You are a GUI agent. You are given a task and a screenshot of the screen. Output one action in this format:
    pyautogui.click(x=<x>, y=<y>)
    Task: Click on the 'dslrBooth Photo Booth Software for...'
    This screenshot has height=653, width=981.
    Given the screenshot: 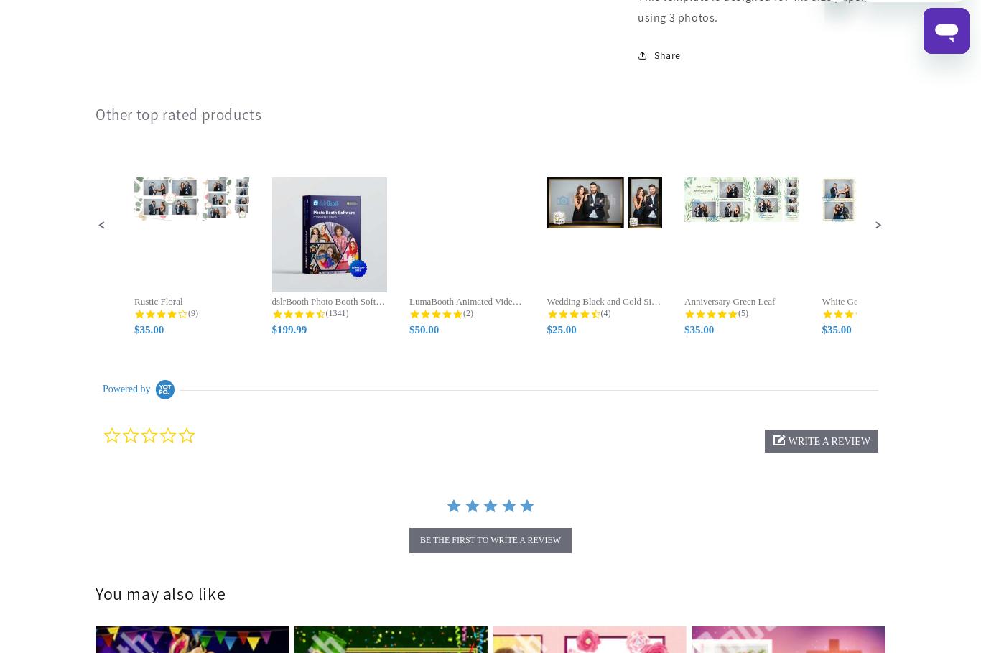 What is the action you would take?
    pyautogui.click(x=343, y=301)
    